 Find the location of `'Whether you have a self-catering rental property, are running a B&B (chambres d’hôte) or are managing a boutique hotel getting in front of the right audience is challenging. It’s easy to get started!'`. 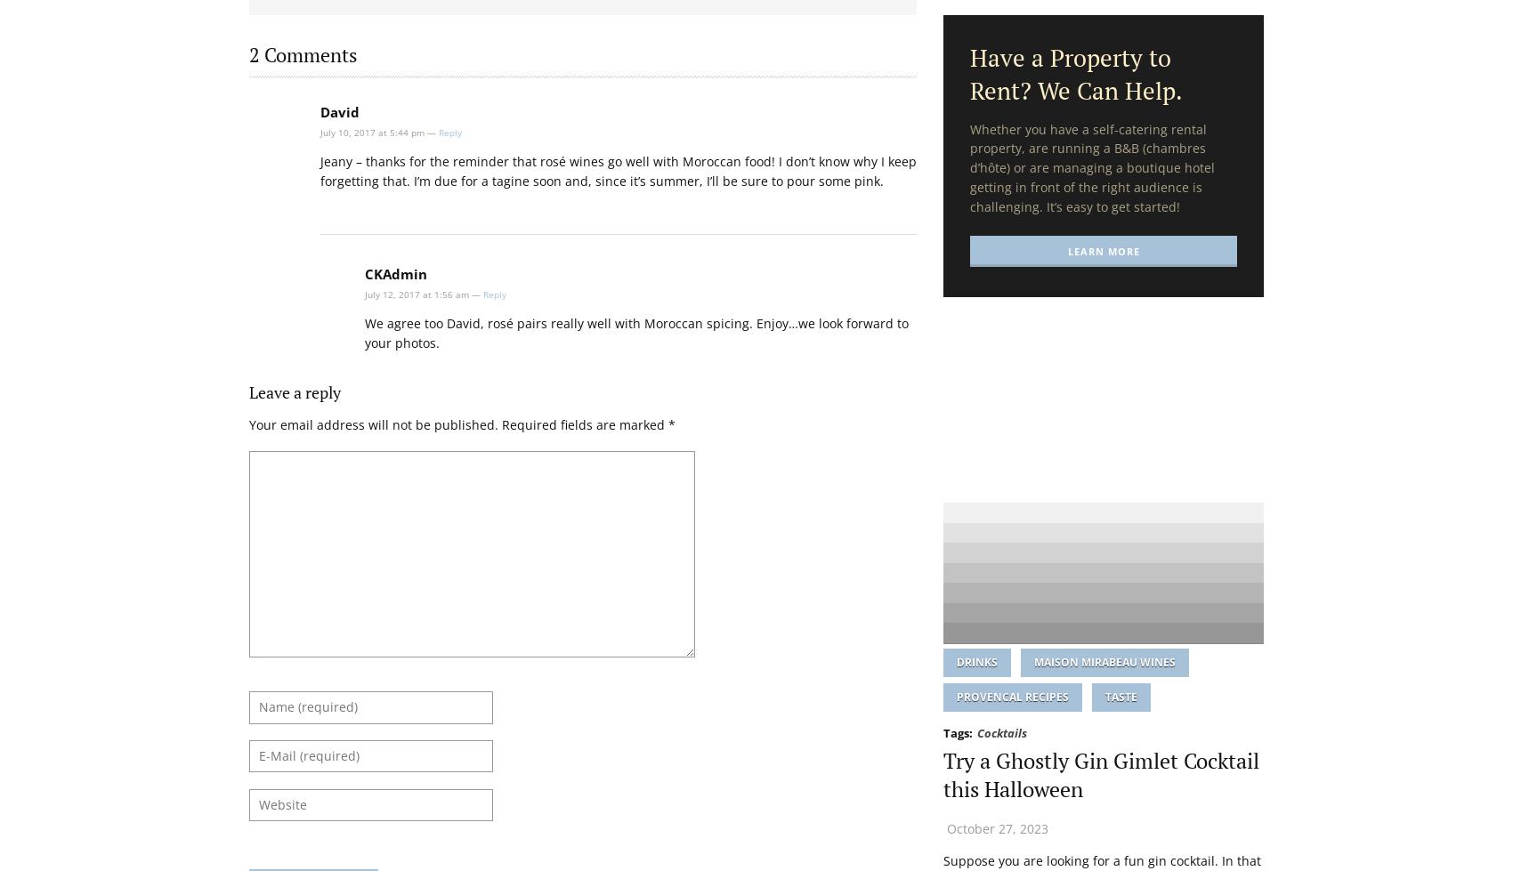

'Whether you have a self-catering rental property, are running a B&B (chambres d’hôte) or are managing a boutique hotel getting in front of the right audience is challenging. It’s easy to get started!' is located at coordinates (1091, 166).